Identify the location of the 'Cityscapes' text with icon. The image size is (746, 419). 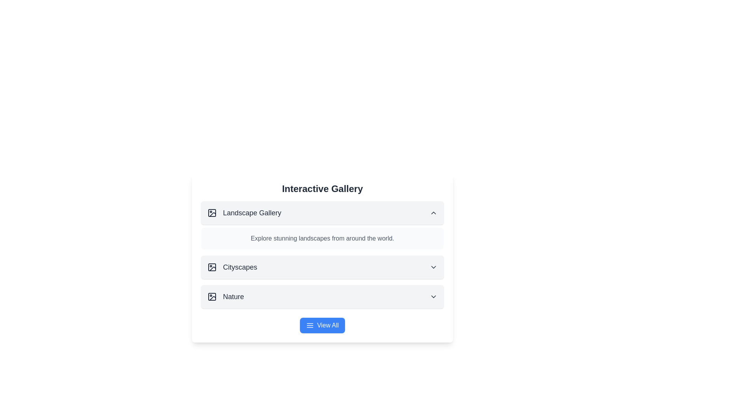
(232, 267).